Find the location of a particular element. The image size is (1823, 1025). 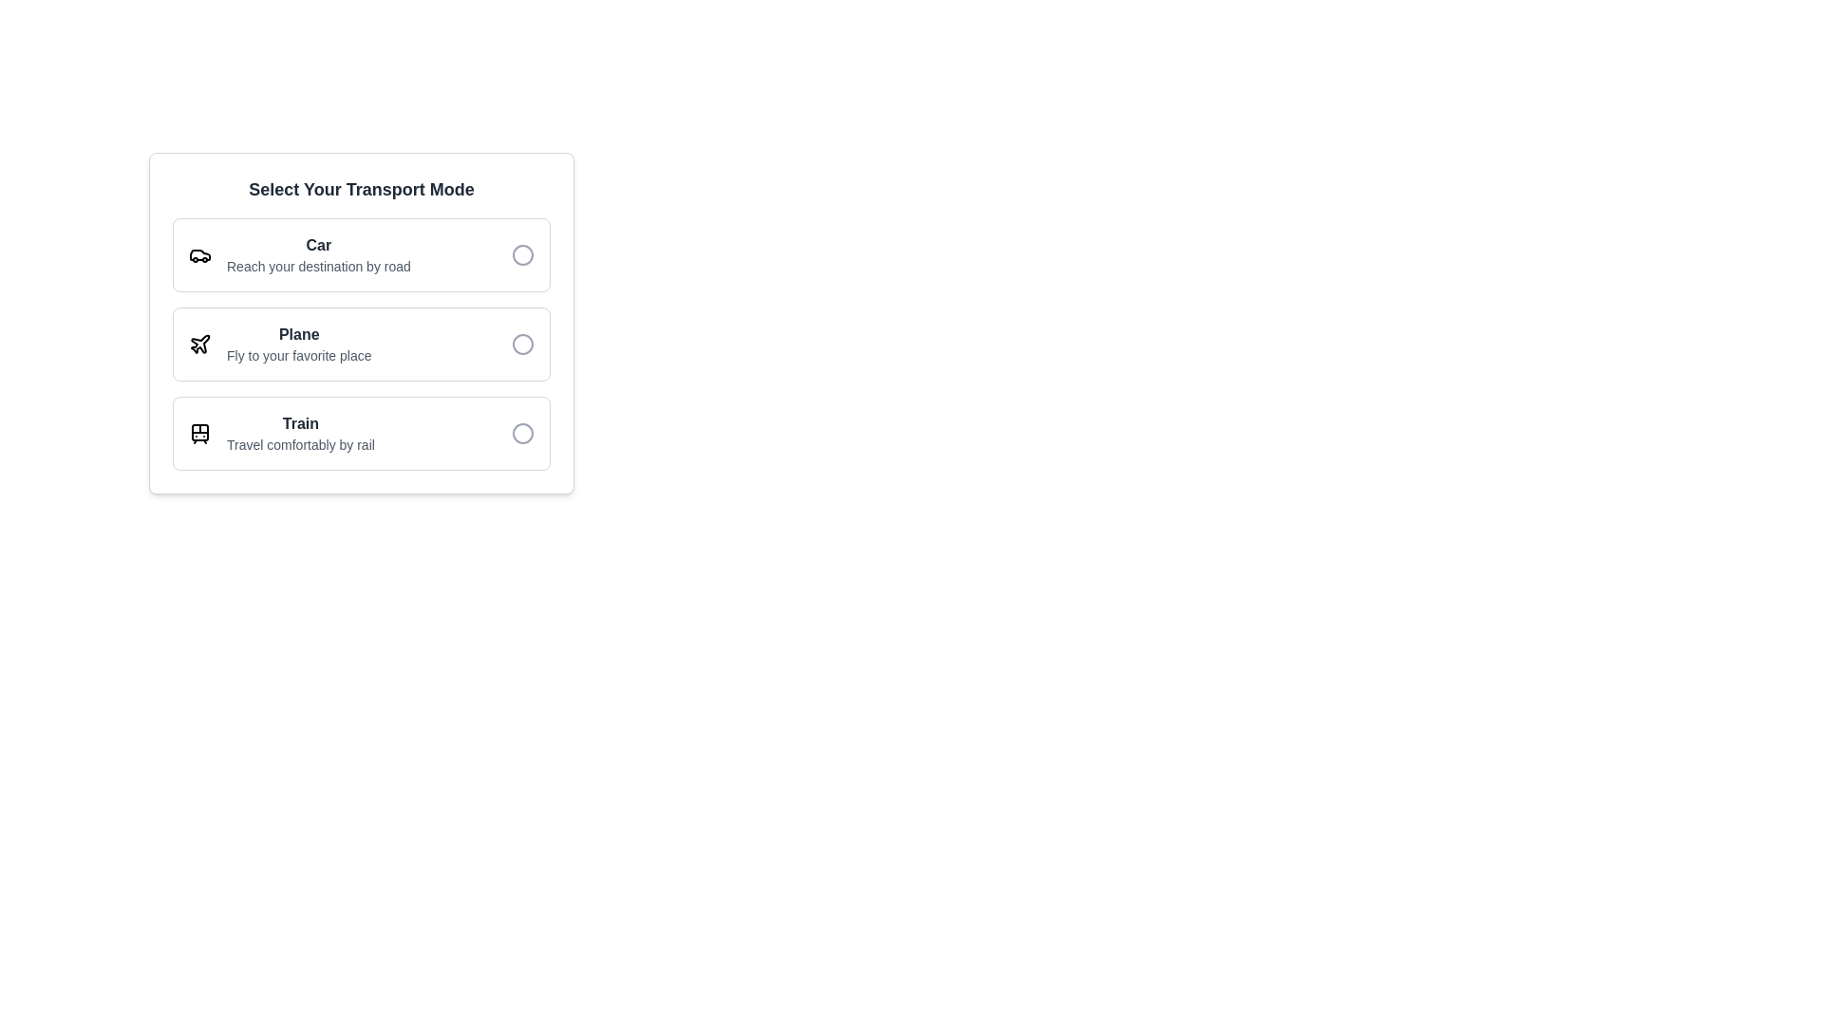

the radio button indicating the 'Car' option is located at coordinates (523, 254).